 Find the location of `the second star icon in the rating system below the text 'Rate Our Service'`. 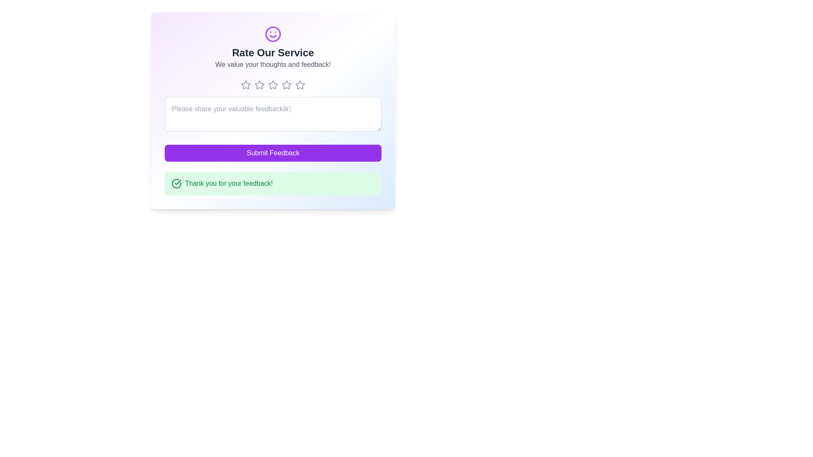

the second star icon in the rating system below the text 'Rate Our Service' is located at coordinates (259, 85).